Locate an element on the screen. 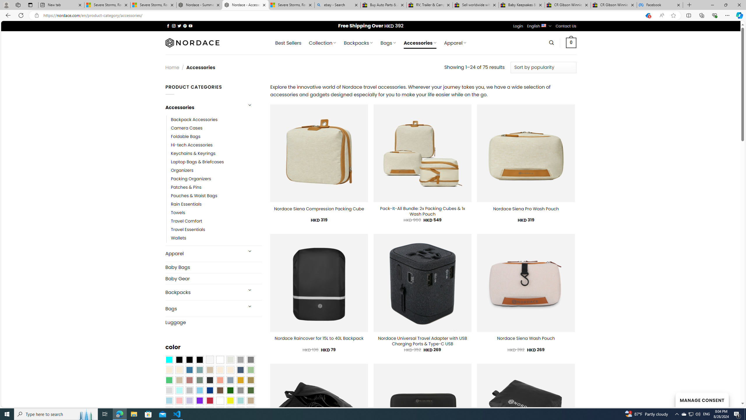 This screenshot has height=420, width=746. 'Sage' is located at coordinates (199, 380).